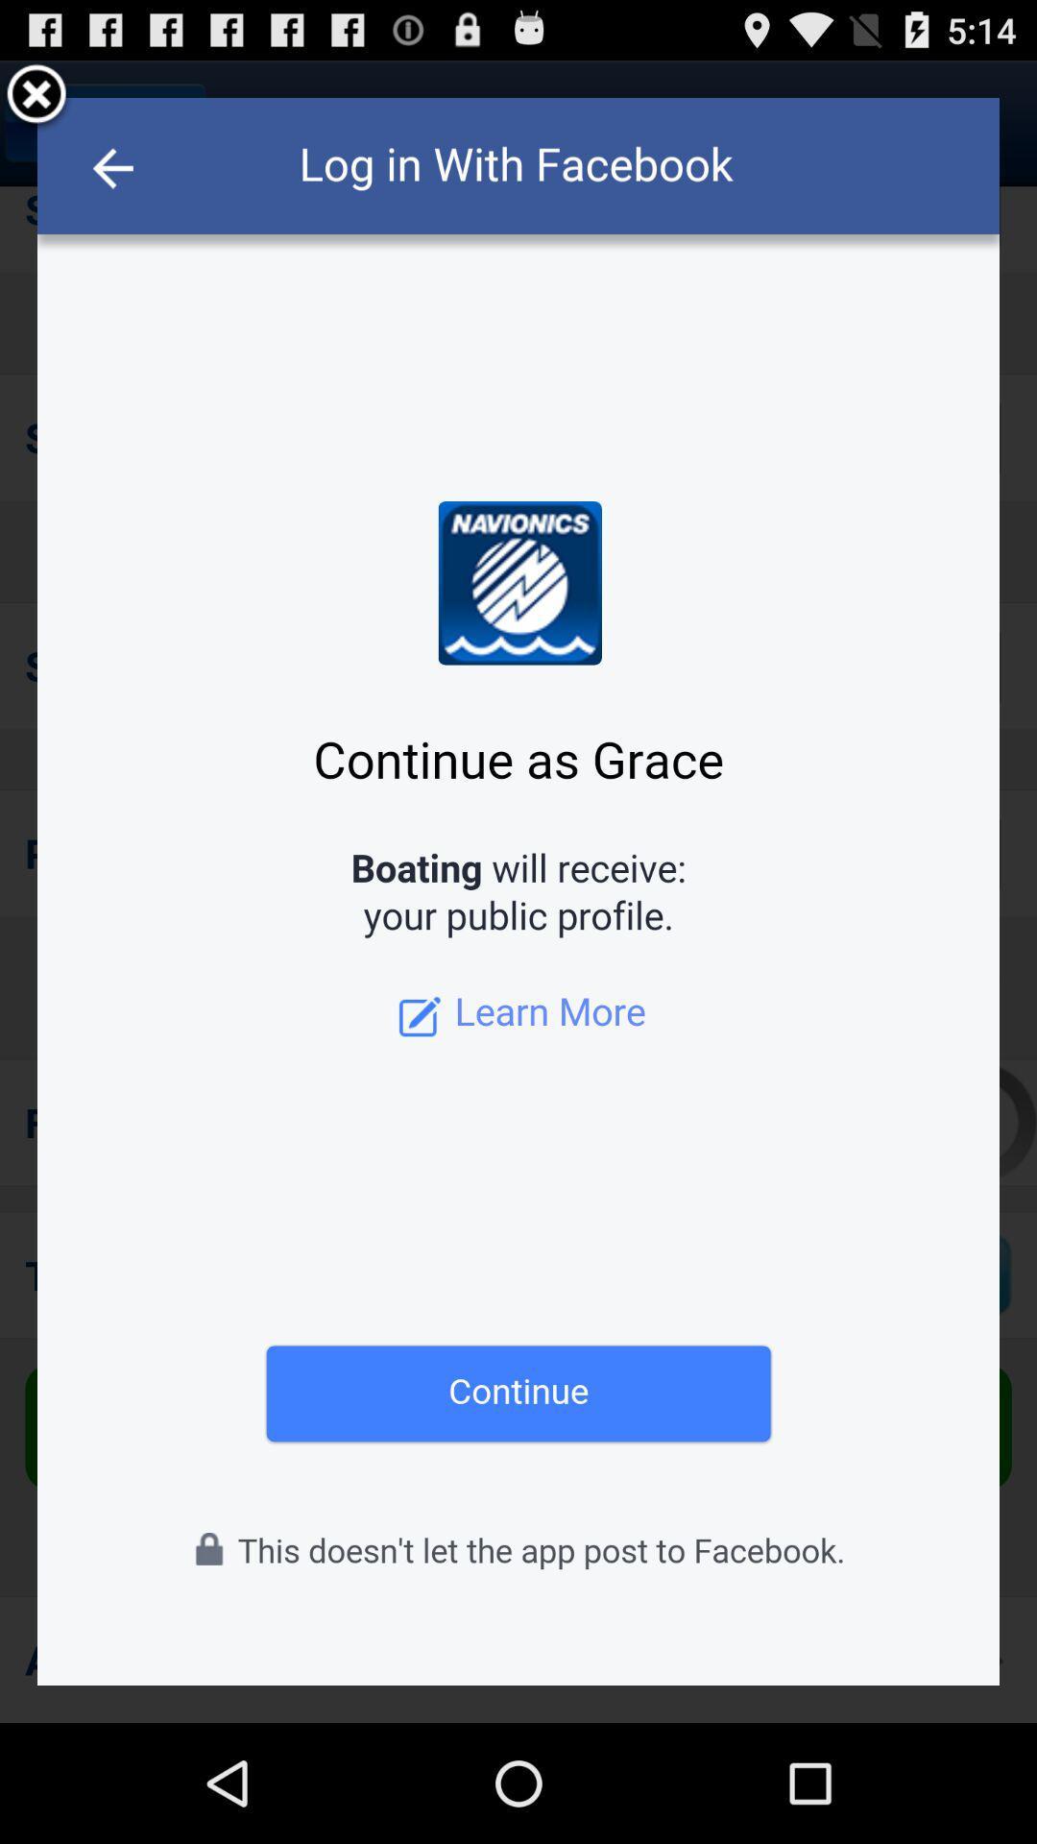 The width and height of the screenshot is (1037, 1844). Describe the element at coordinates (36, 103) in the screenshot. I see `the close icon` at that location.